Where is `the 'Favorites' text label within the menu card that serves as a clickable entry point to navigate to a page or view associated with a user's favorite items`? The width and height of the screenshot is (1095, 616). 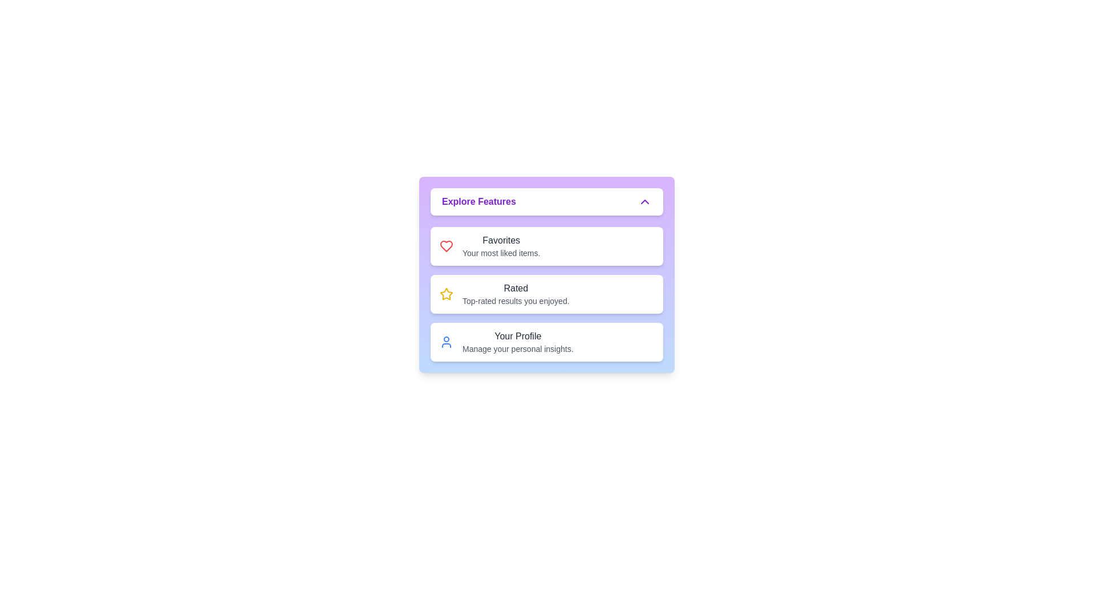 the 'Favorites' text label within the menu card that serves as a clickable entry point to navigate to a page or view associated with a user's favorite items is located at coordinates (501, 246).